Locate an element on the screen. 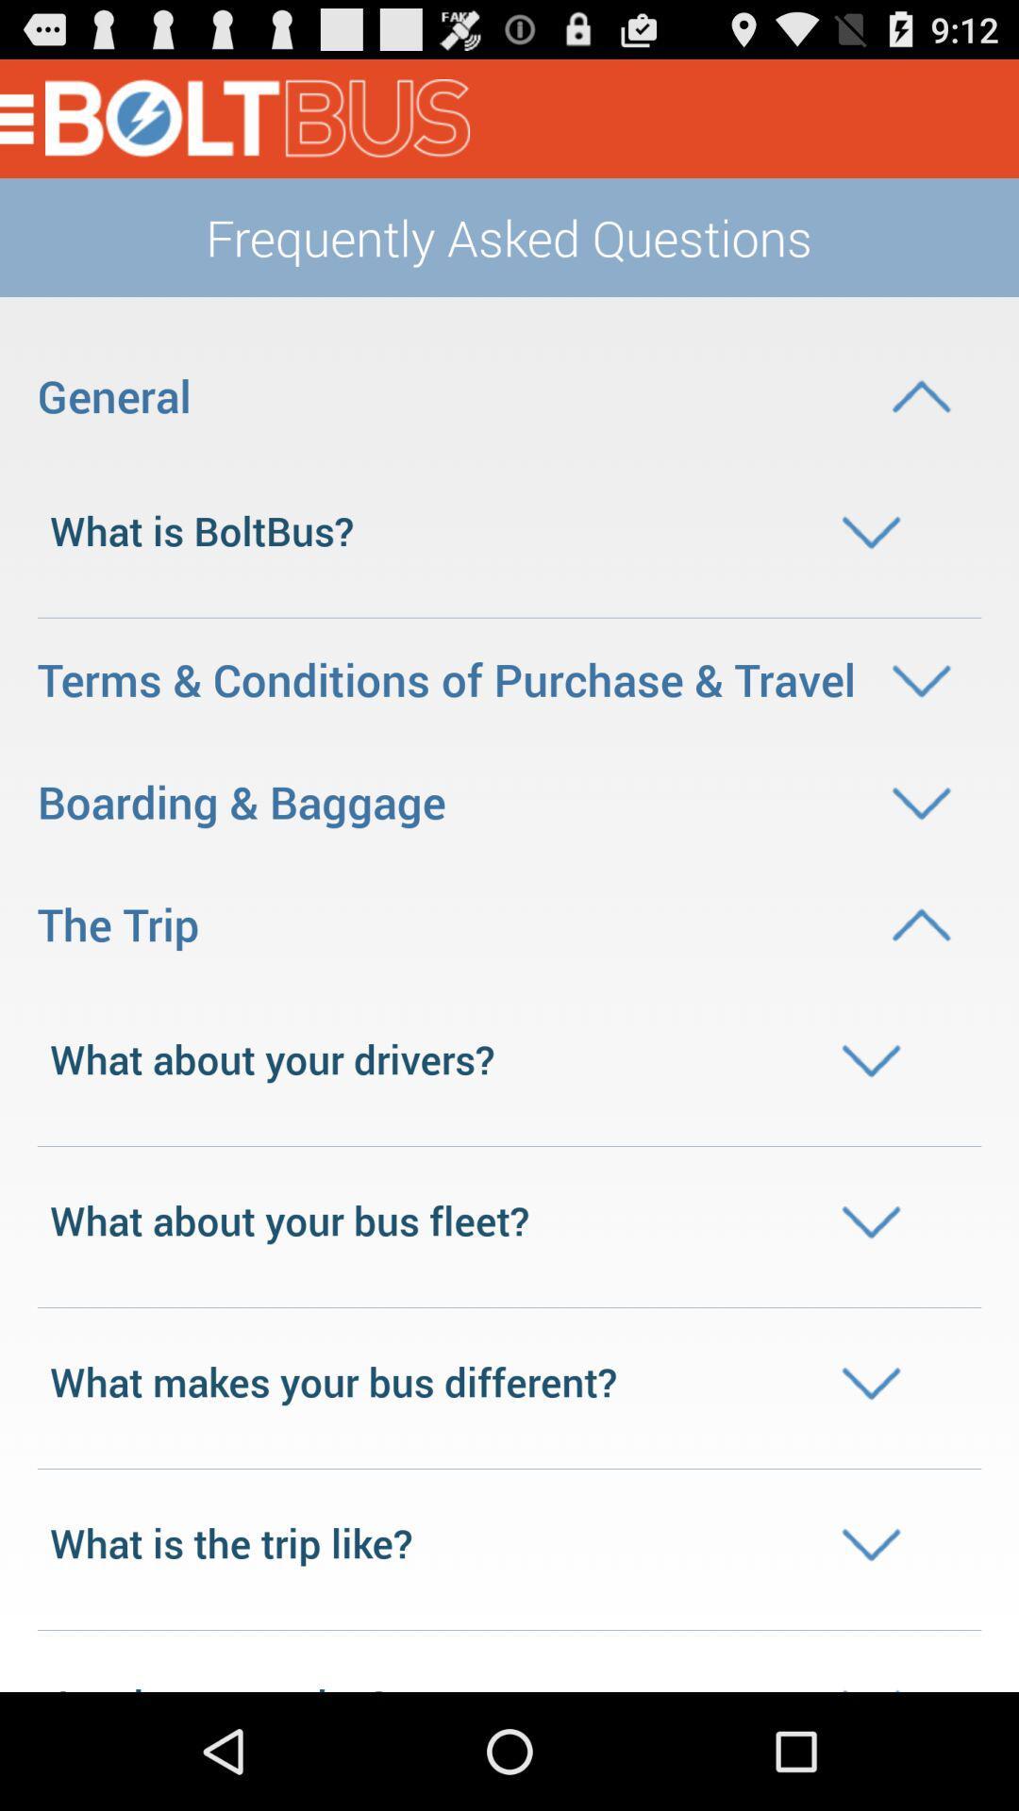 This screenshot has height=1811, width=1019. the drop down text which is bottom of the page is located at coordinates (509, 1543).